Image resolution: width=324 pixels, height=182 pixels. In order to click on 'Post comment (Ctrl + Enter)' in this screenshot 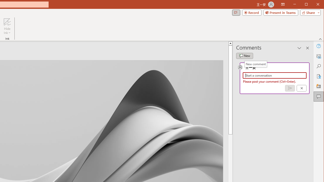, I will do `click(290, 88)`.